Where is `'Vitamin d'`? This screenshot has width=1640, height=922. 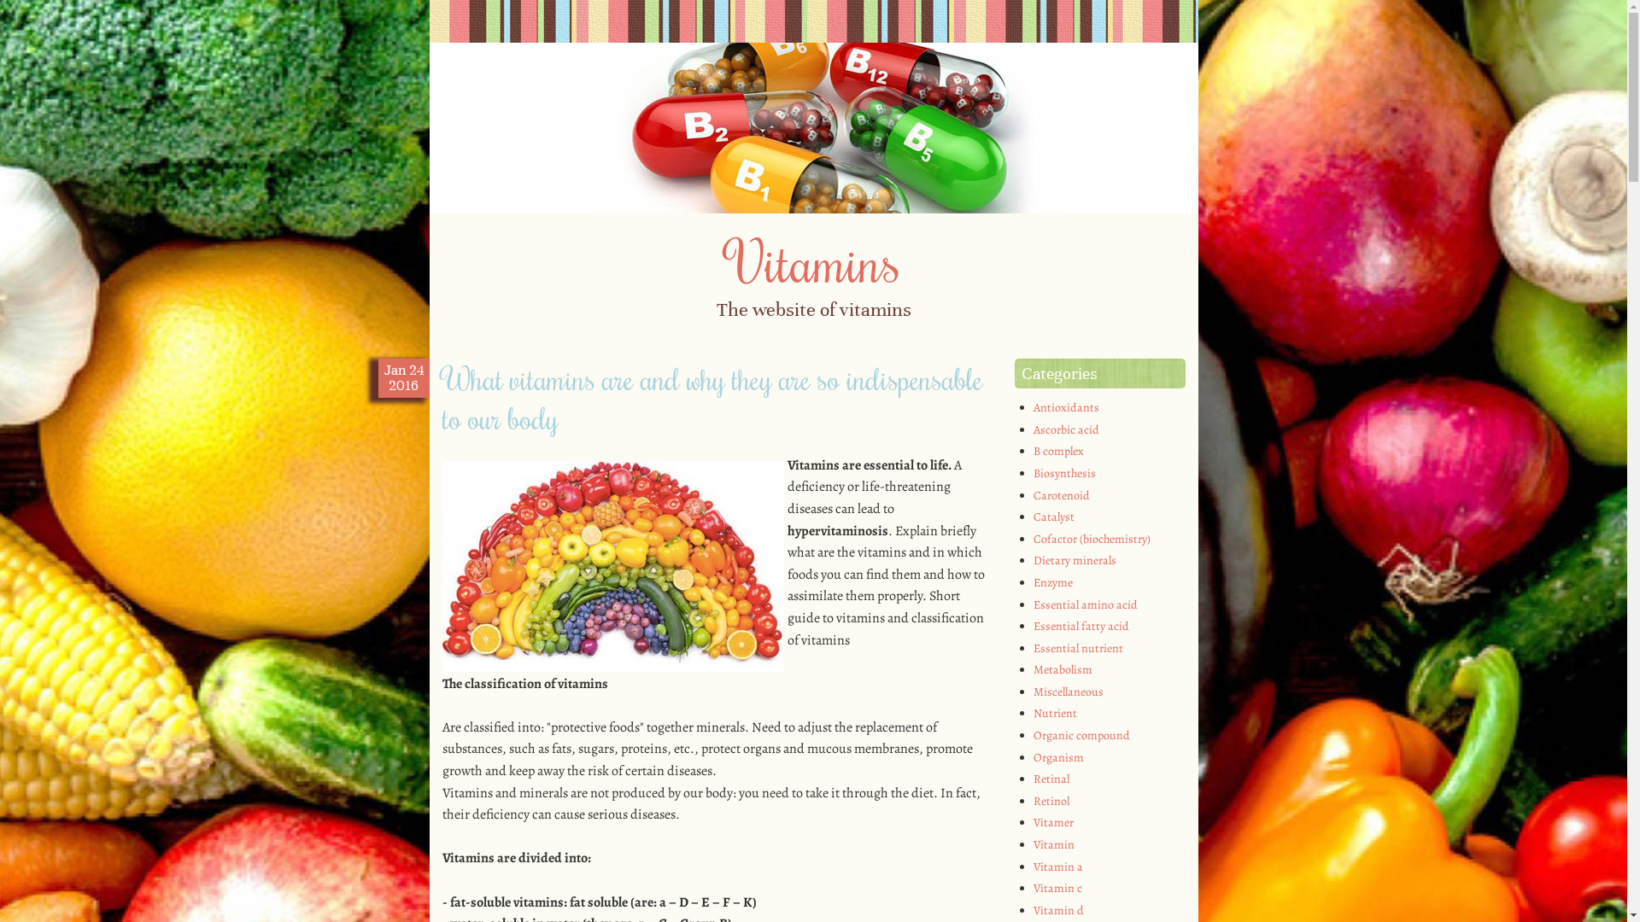 'Vitamin d' is located at coordinates (1032, 909).